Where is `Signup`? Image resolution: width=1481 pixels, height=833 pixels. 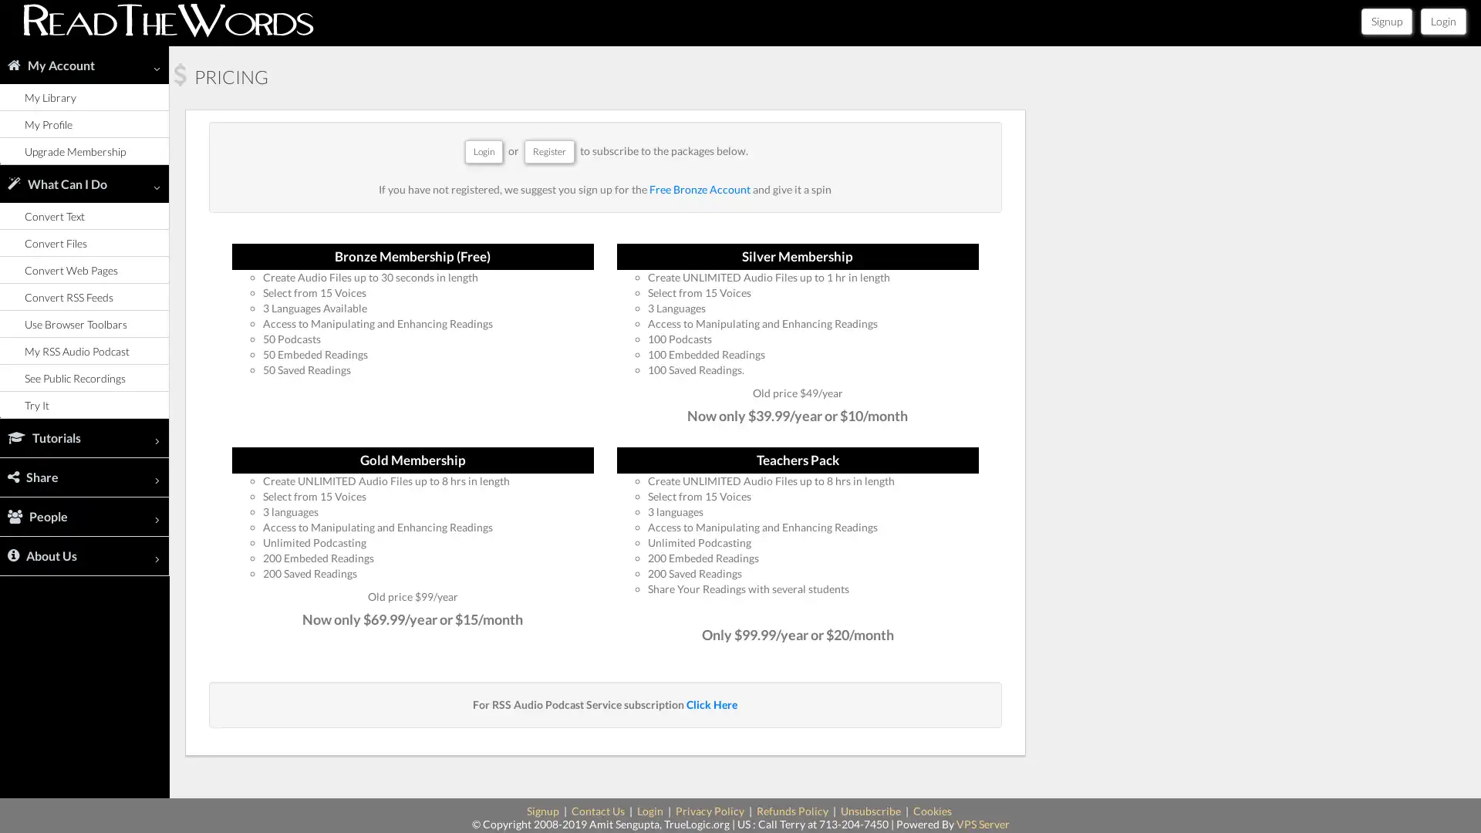
Signup is located at coordinates (1387, 21).